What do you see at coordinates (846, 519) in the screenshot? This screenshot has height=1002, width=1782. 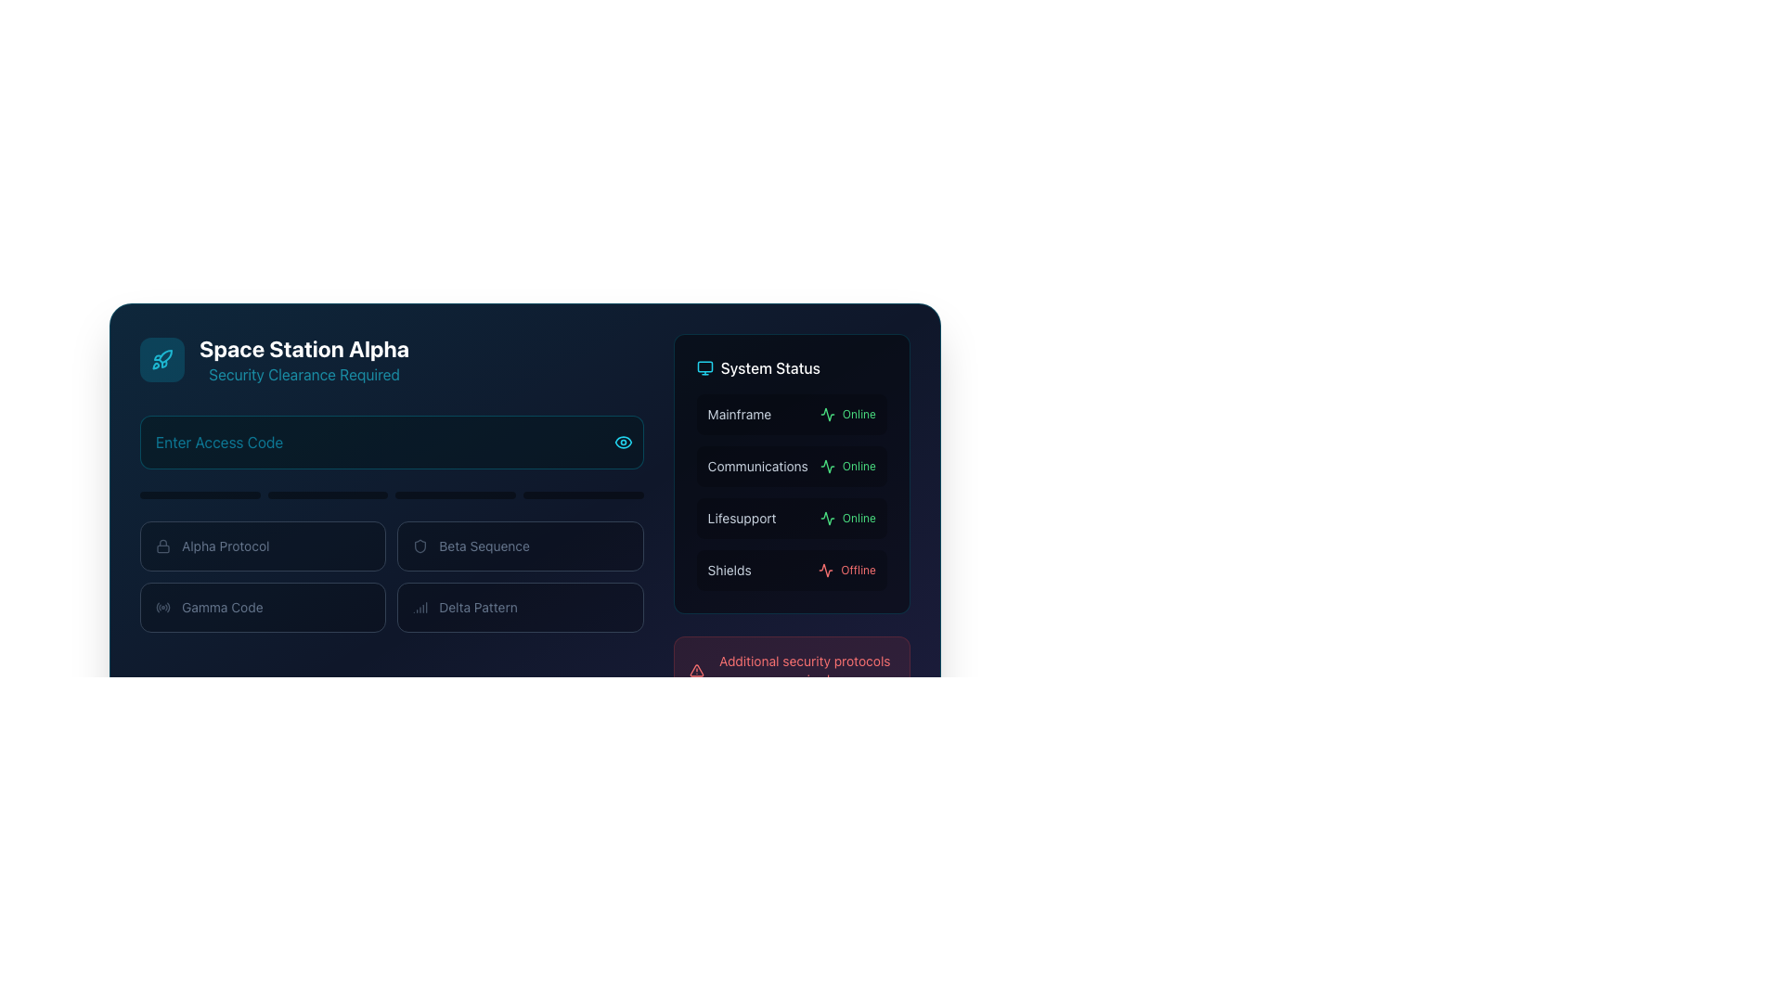 I see `status of the 'Lifesupport' system, which is indicated by the text label showing it is operational (Online) located under the 'System Status' heading on the right-hand side of the interface` at bounding box center [846, 519].